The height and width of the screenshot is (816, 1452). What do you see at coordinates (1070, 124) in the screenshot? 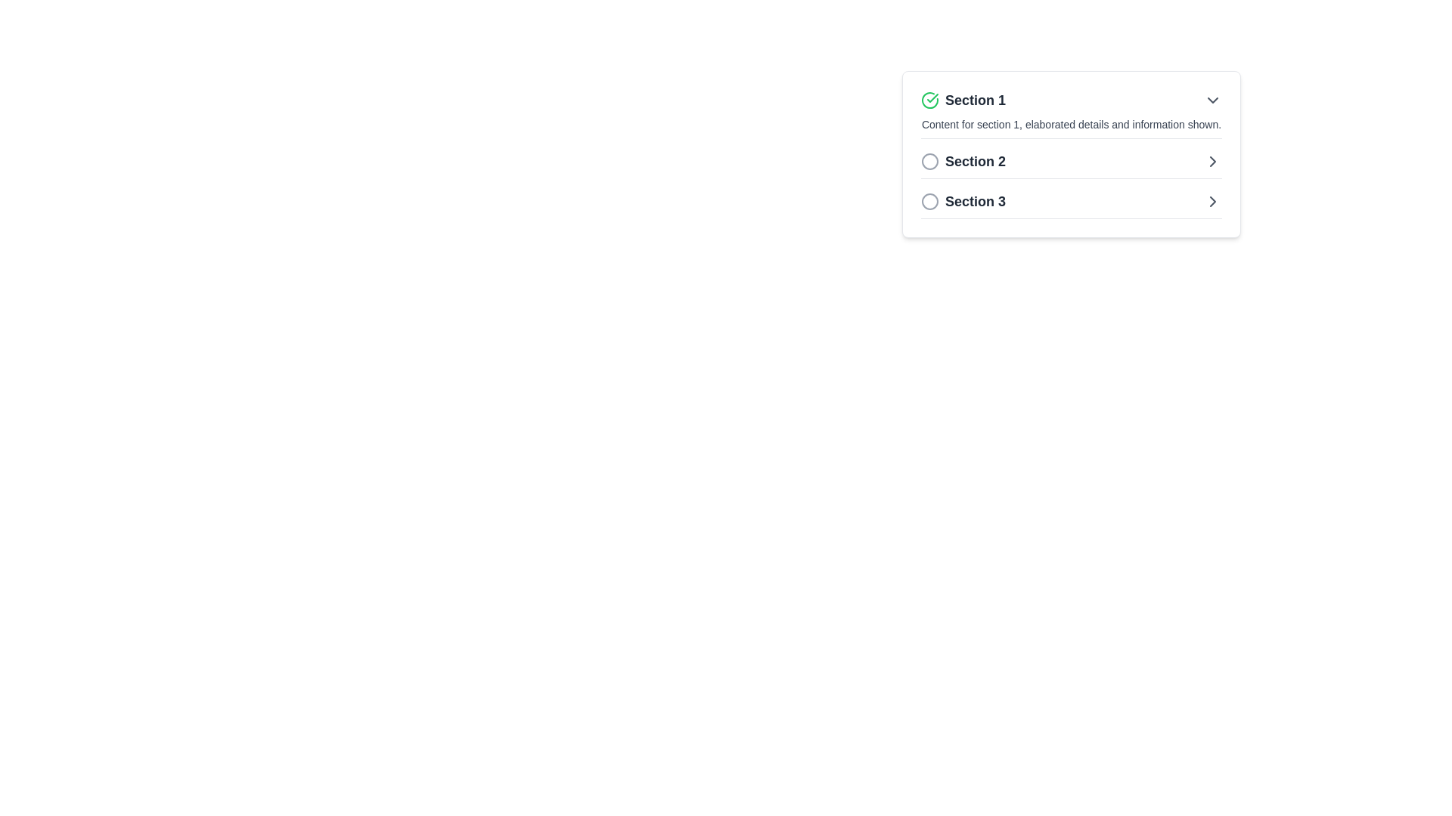
I see `the static text paragraph located directly below the heading 'Section 1' in the collapsible group, which provides descriptive content about the section` at bounding box center [1070, 124].